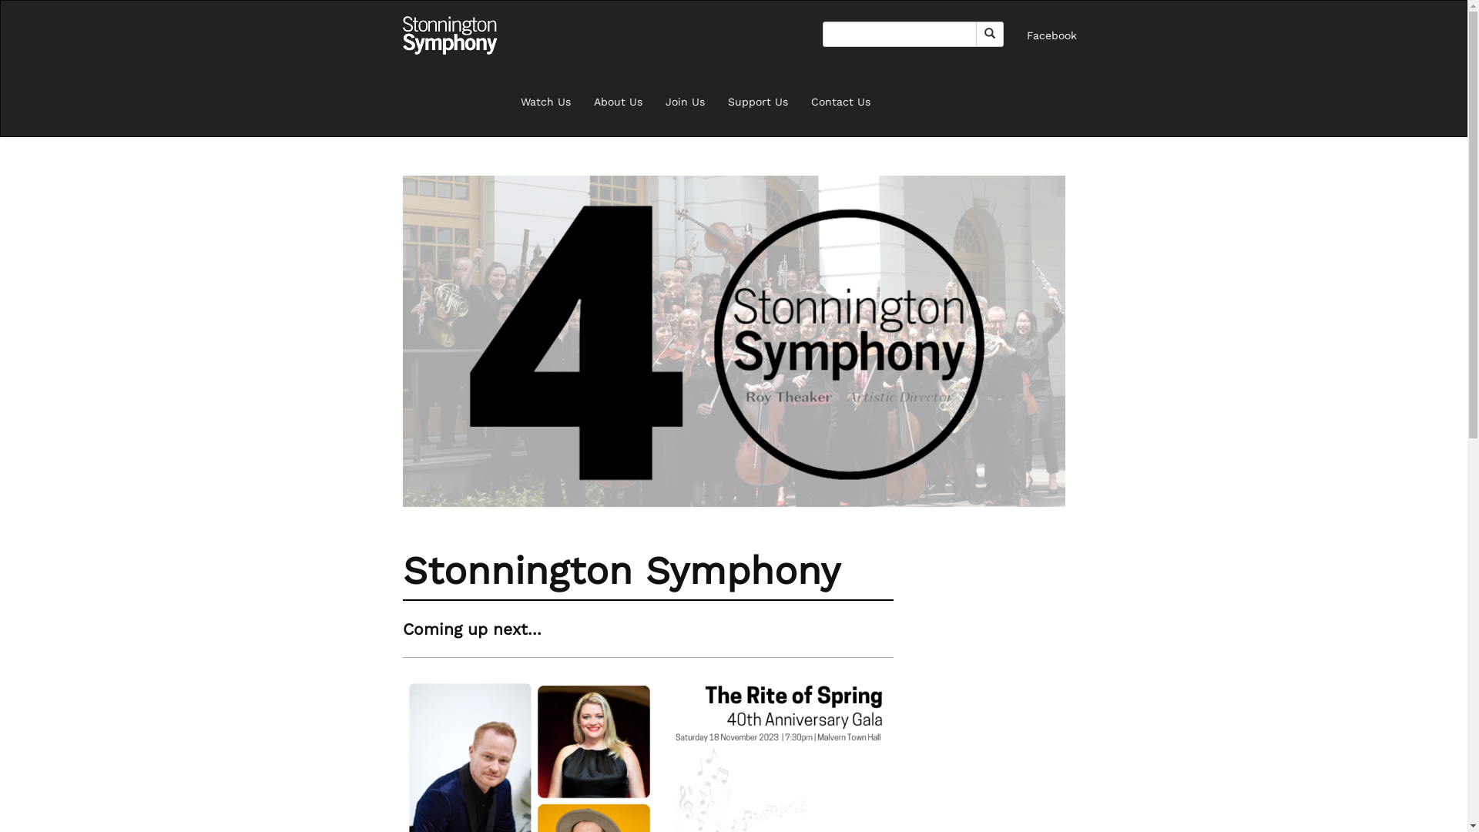  I want to click on 'About Us', so click(581, 101).